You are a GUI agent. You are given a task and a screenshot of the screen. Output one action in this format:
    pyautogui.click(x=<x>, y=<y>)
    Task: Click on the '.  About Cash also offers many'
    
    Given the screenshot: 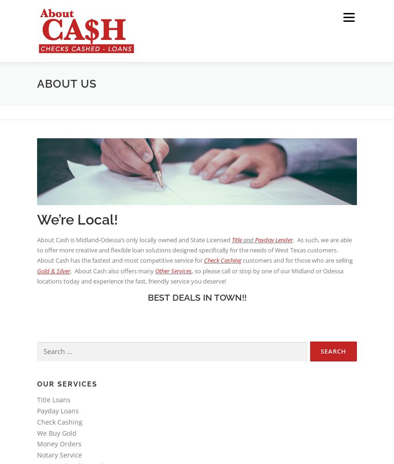 What is the action you would take?
    pyautogui.click(x=113, y=270)
    